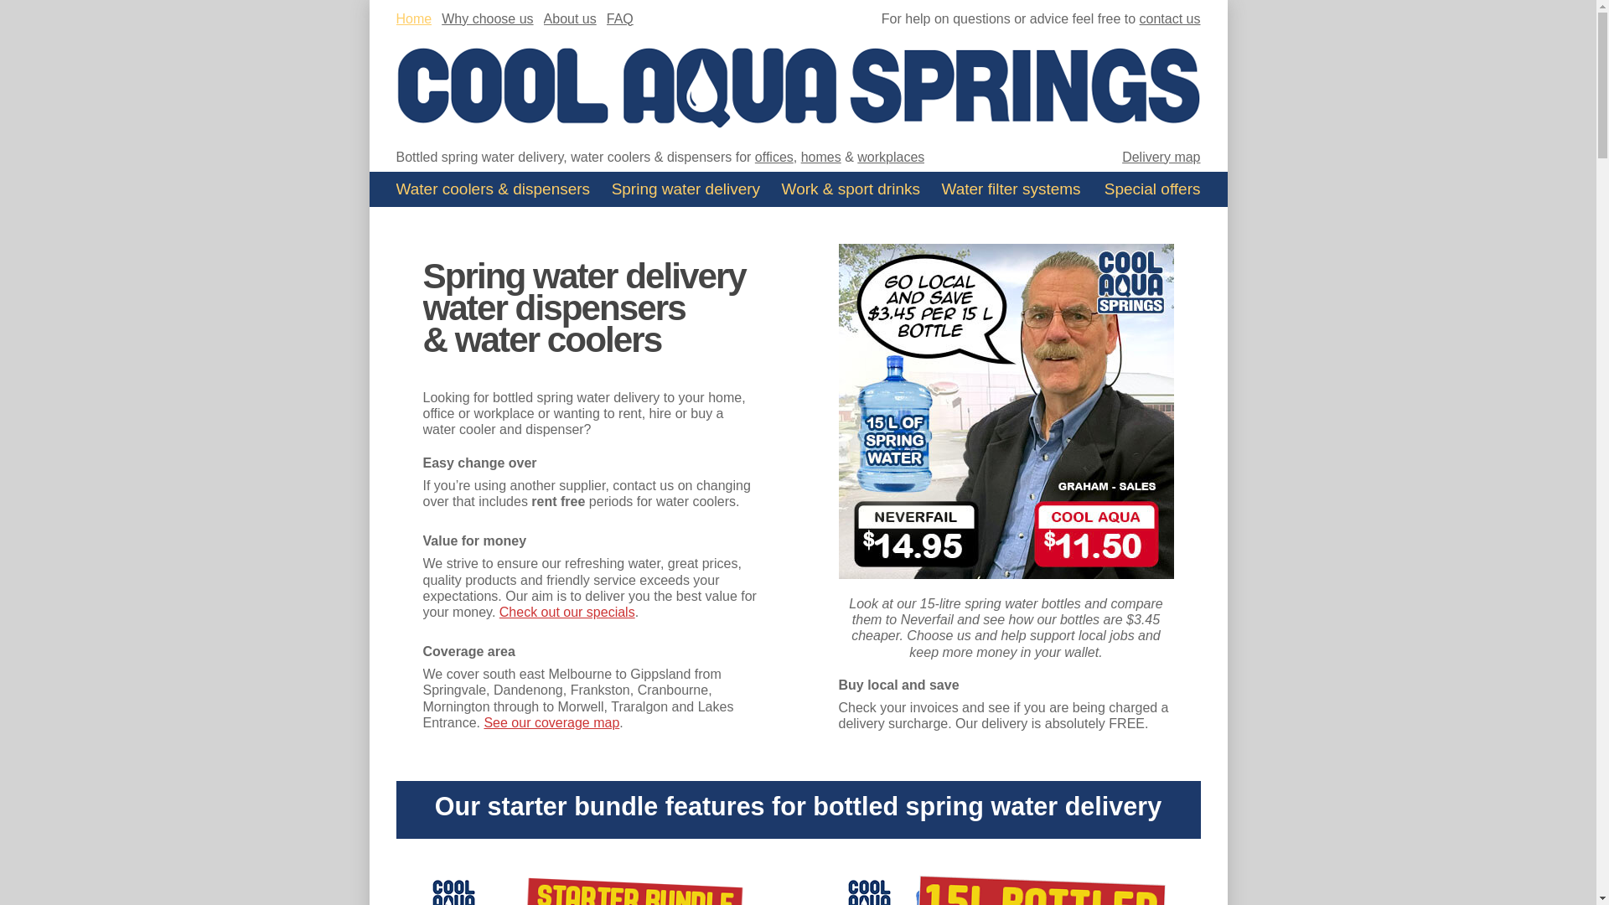  Describe the element at coordinates (567, 612) in the screenshot. I see `'Check out our specials'` at that location.